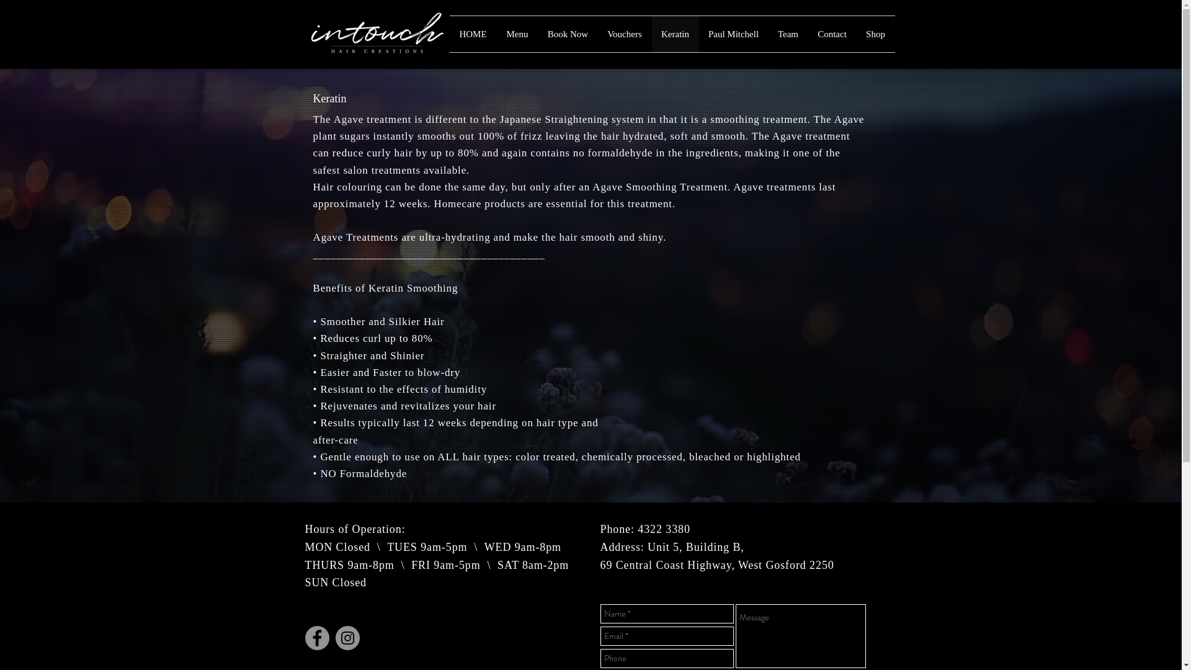  Describe the element at coordinates (448, 33) in the screenshot. I see `'HOME'` at that location.